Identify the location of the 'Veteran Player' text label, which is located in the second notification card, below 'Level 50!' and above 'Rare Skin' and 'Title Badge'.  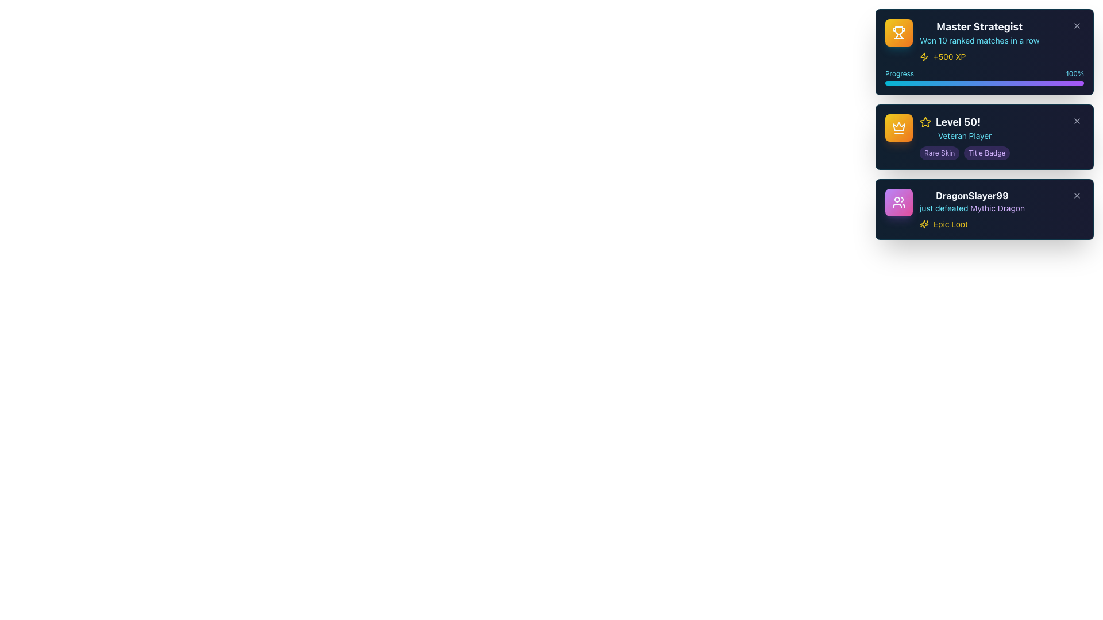
(965, 135).